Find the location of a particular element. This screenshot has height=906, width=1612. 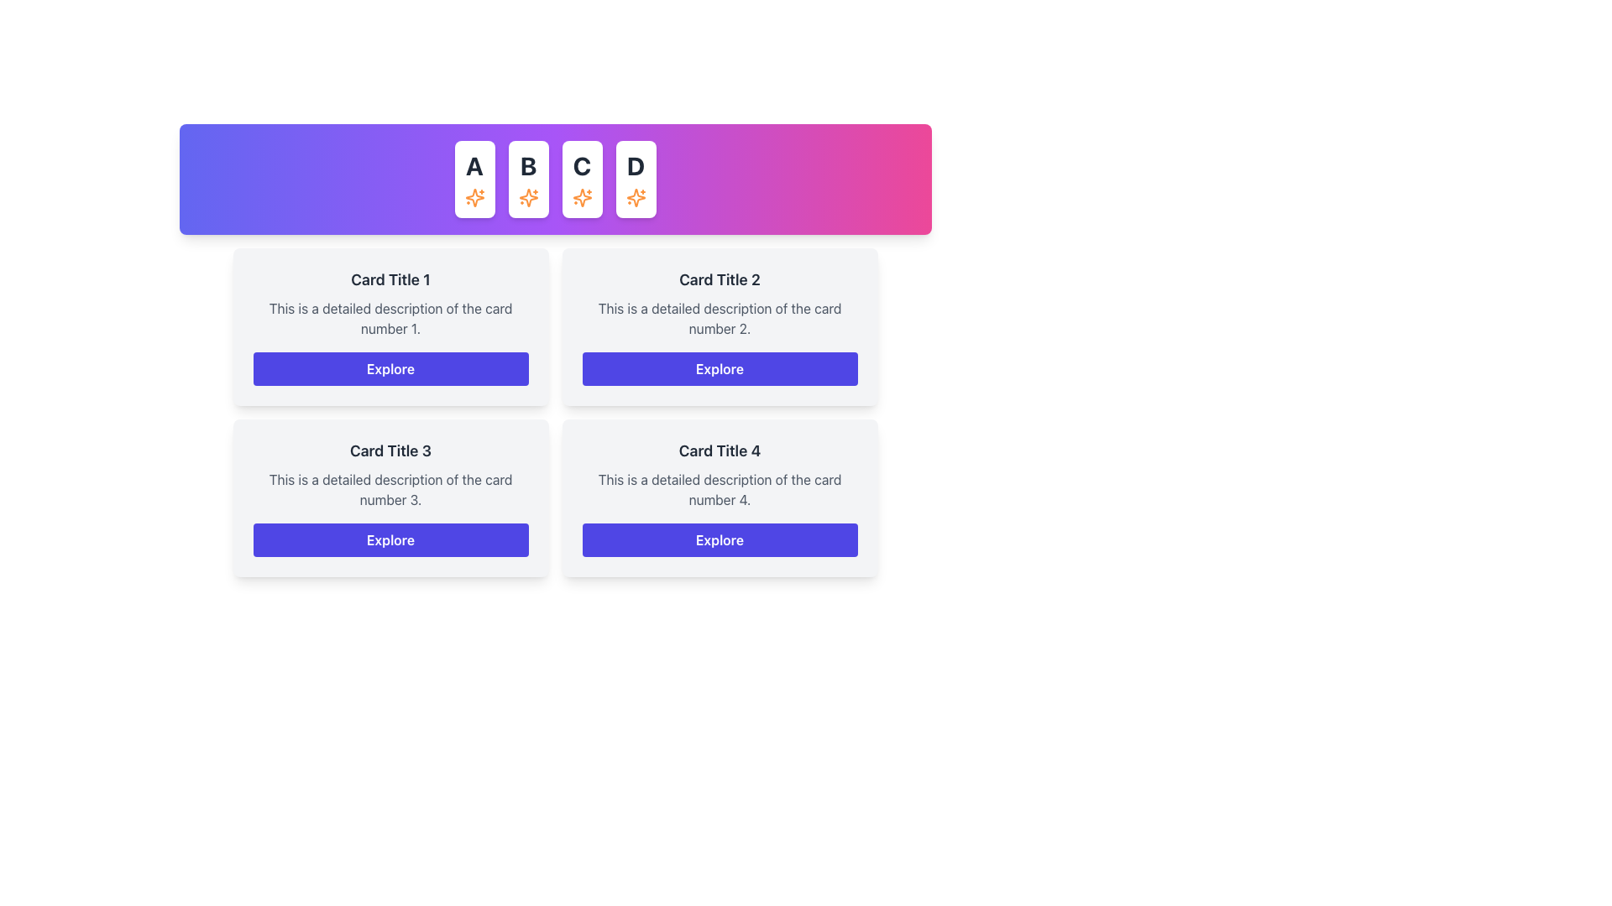

the button located at the bottom of the card panel with the heading 'Card Title 1' is located at coordinates (390, 367).